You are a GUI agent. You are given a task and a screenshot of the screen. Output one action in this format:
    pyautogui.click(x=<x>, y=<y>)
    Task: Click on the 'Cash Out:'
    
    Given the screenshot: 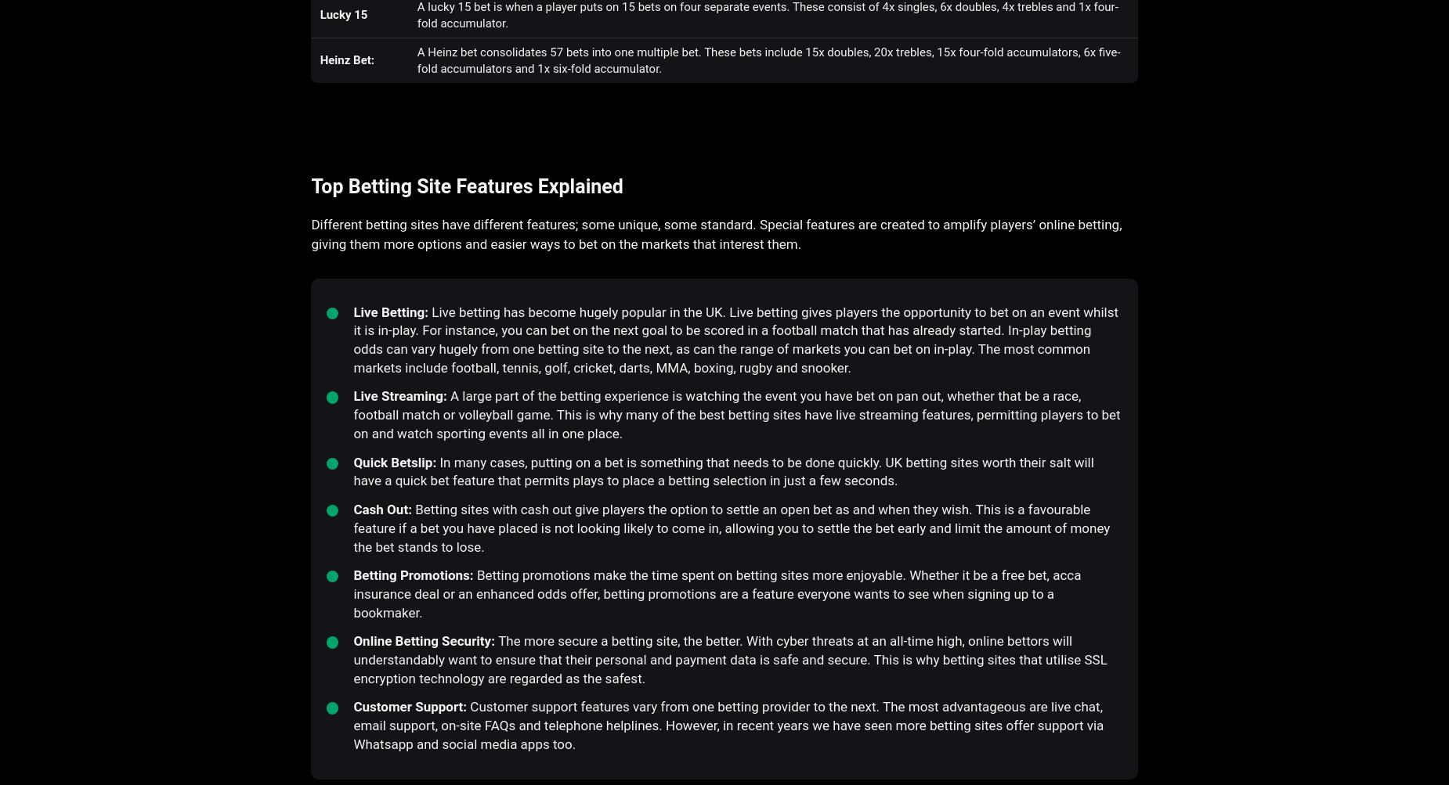 What is the action you would take?
    pyautogui.click(x=384, y=509)
    